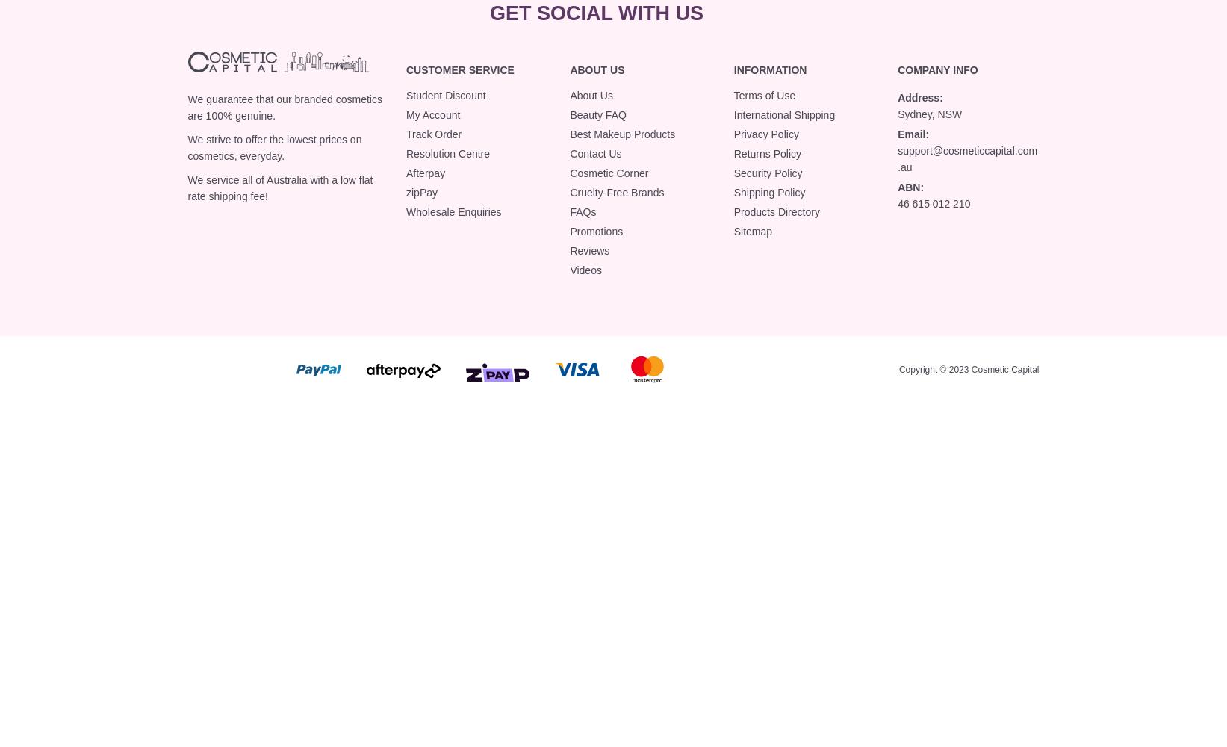  What do you see at coordinates (570, 134) in the screenshot?
I see `'Best Makeup Products'` at bounding box center [570, 134].